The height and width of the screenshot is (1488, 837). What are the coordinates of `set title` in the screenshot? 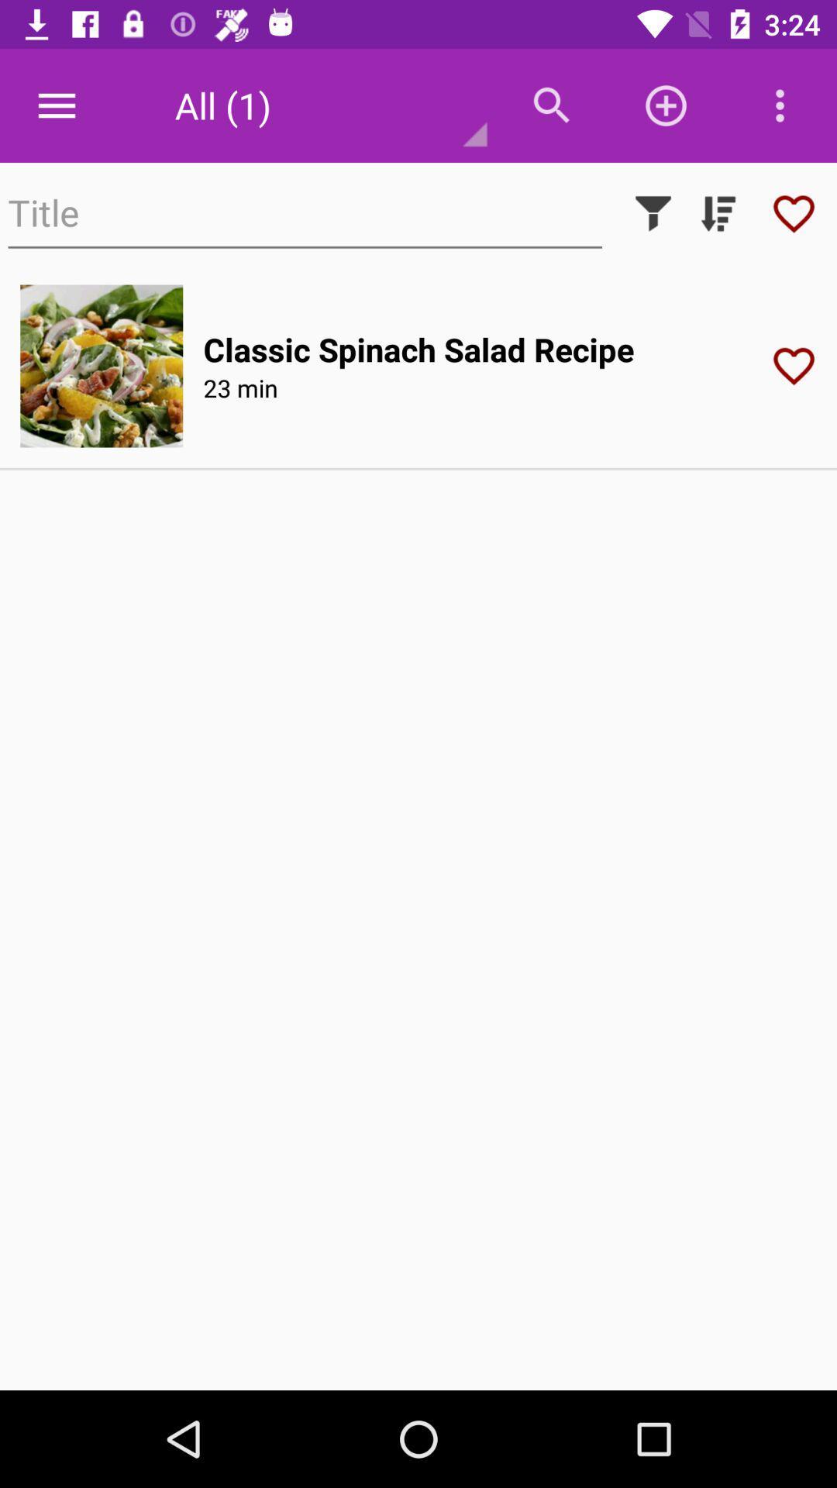 It's located at (305, 212).